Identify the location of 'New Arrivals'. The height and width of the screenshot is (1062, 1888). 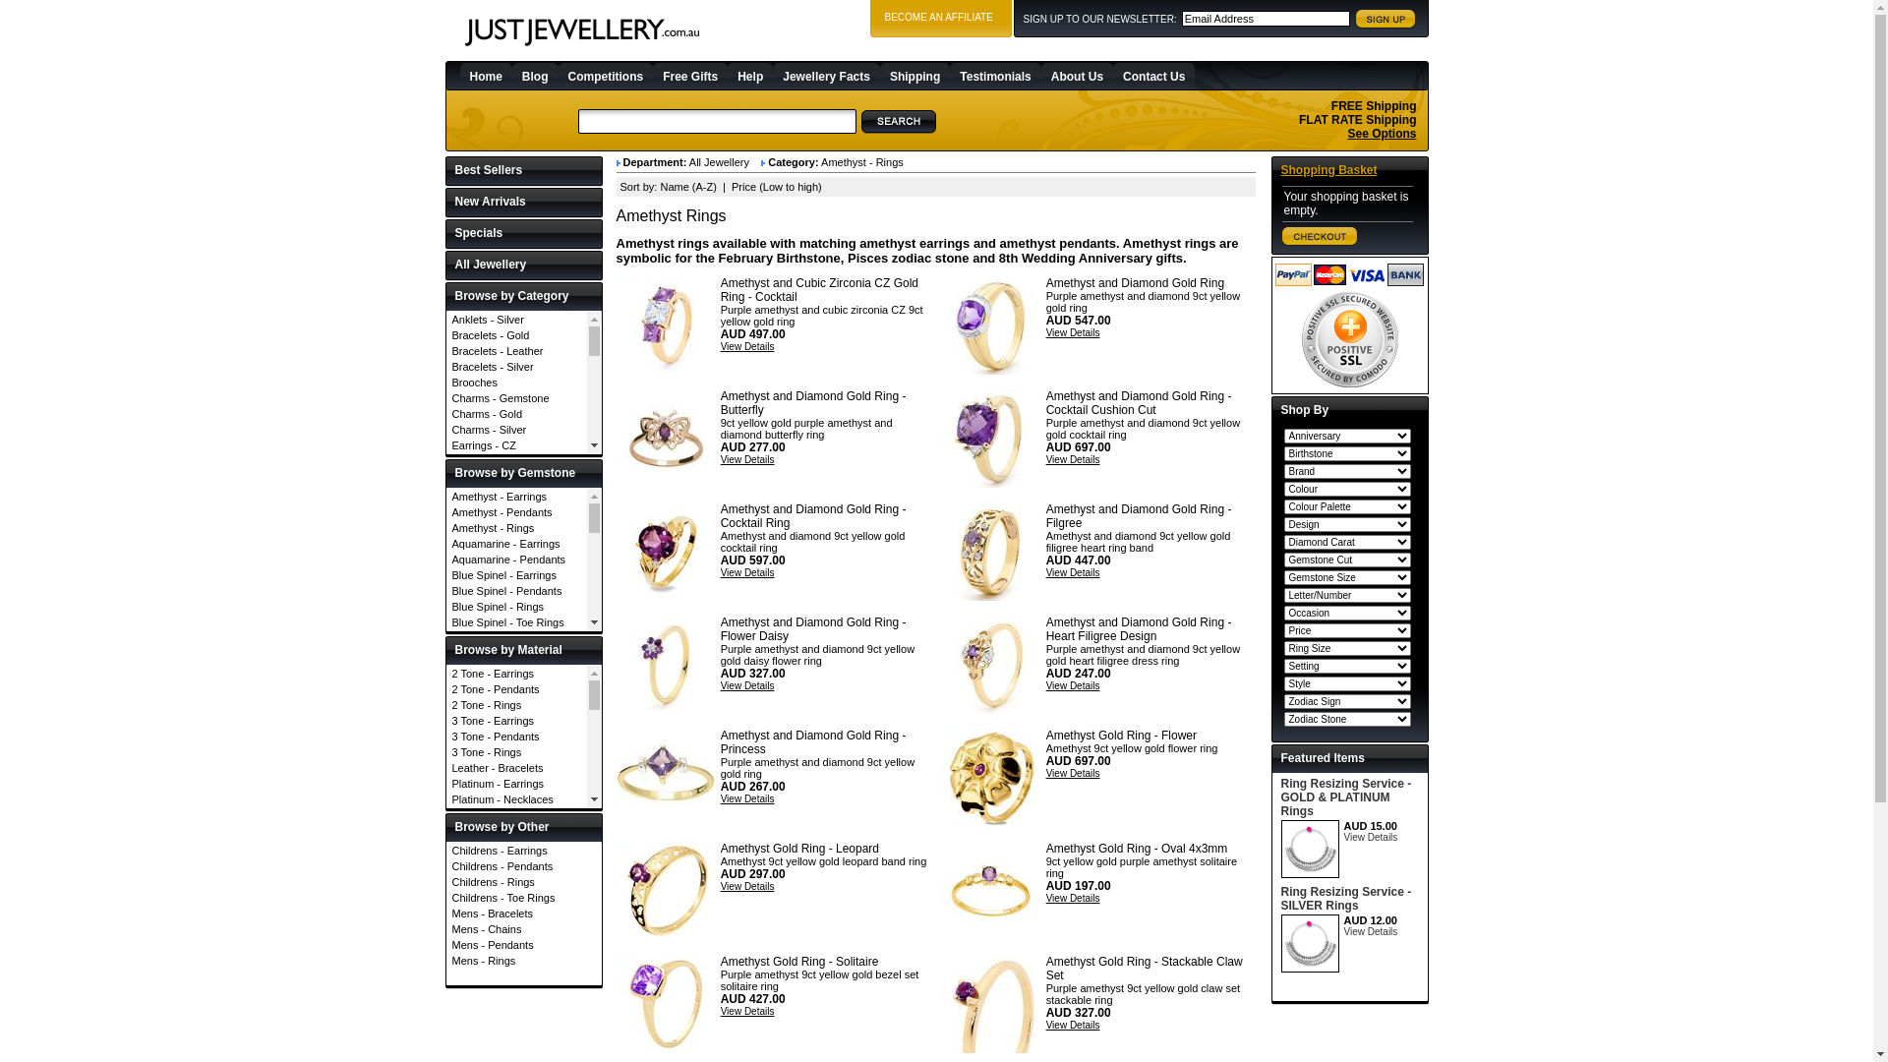
(523, 203).